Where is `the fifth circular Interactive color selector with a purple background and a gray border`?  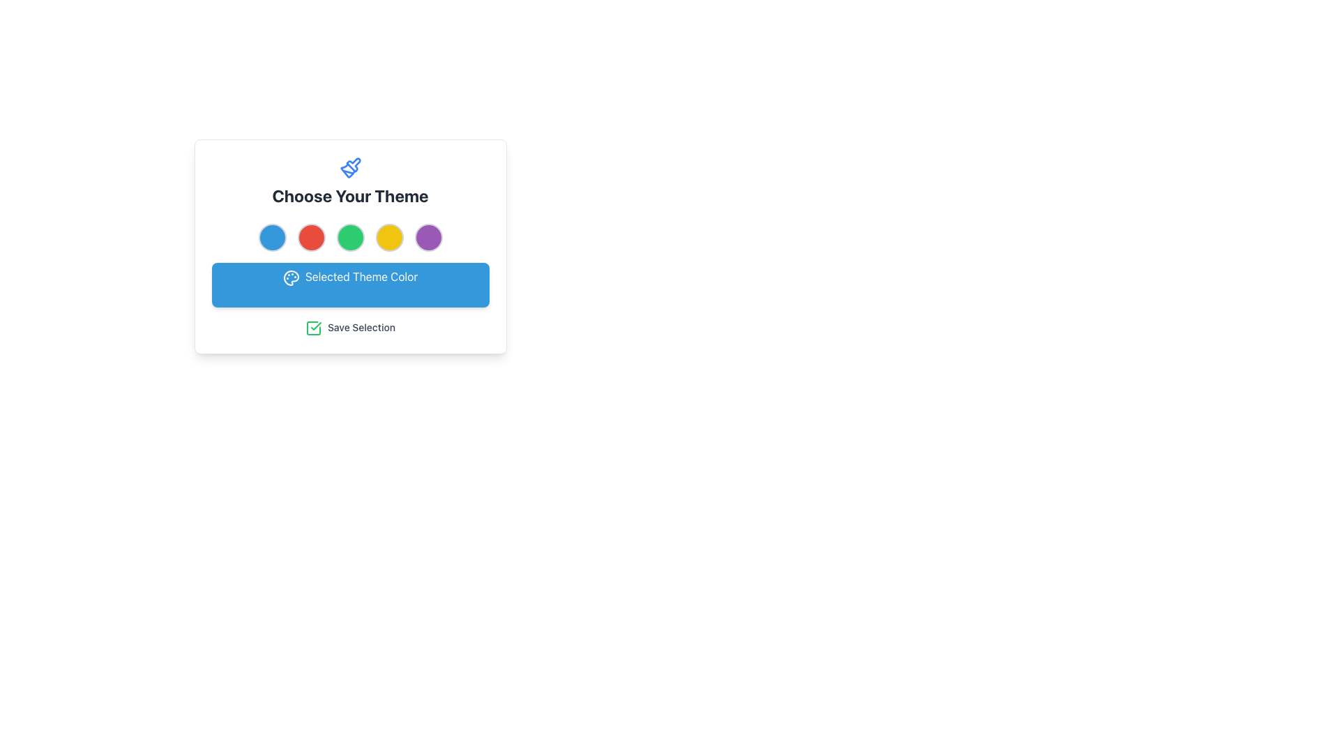 the fifth circular Interactive color selector with a purple background and a gray border is located at coordinates (428, 236).